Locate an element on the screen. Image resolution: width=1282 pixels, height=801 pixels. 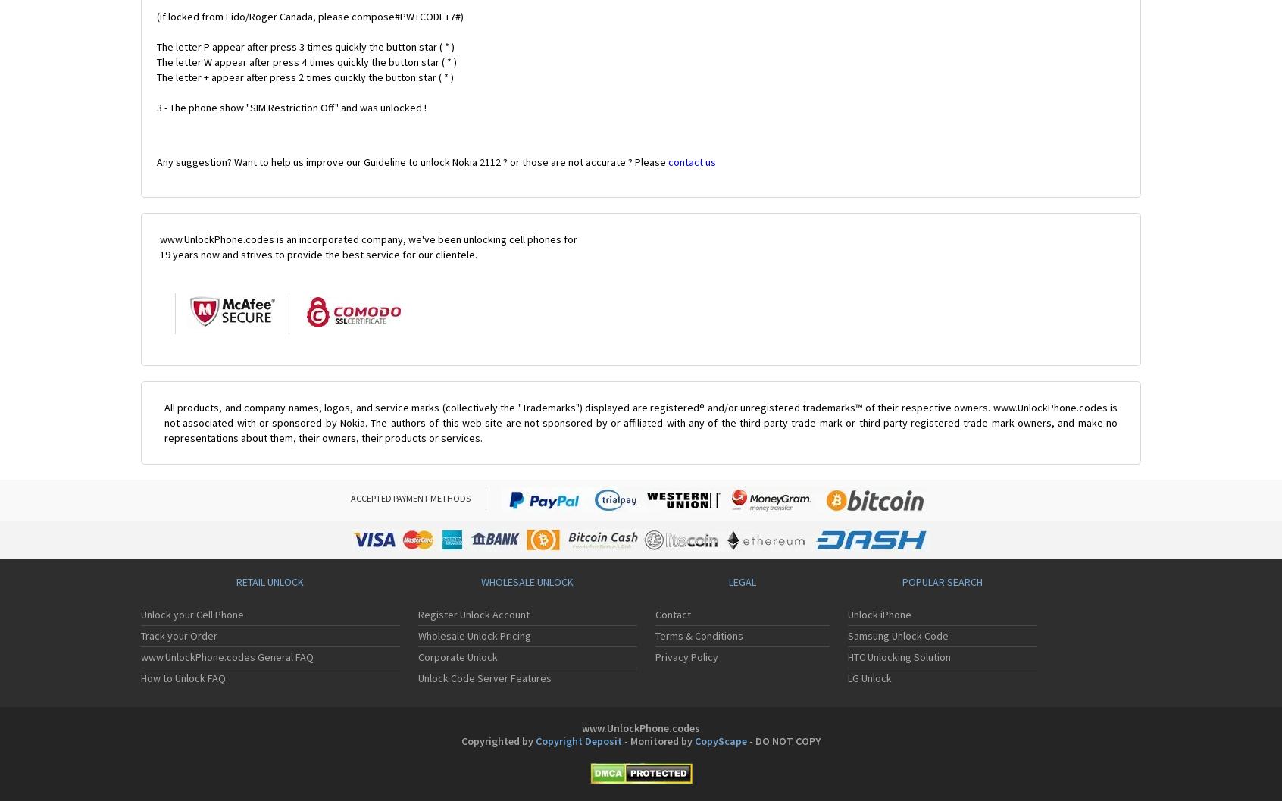
'www.UnlockPhone.codes is an incorporated company, we've been unlocking cell phones for' is located at coordinates (158, 239).